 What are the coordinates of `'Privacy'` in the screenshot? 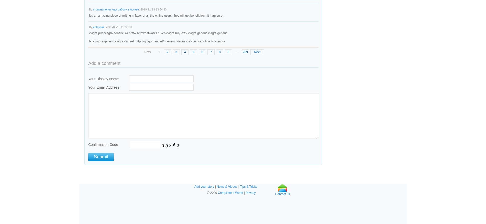 It's located at (250, 193).